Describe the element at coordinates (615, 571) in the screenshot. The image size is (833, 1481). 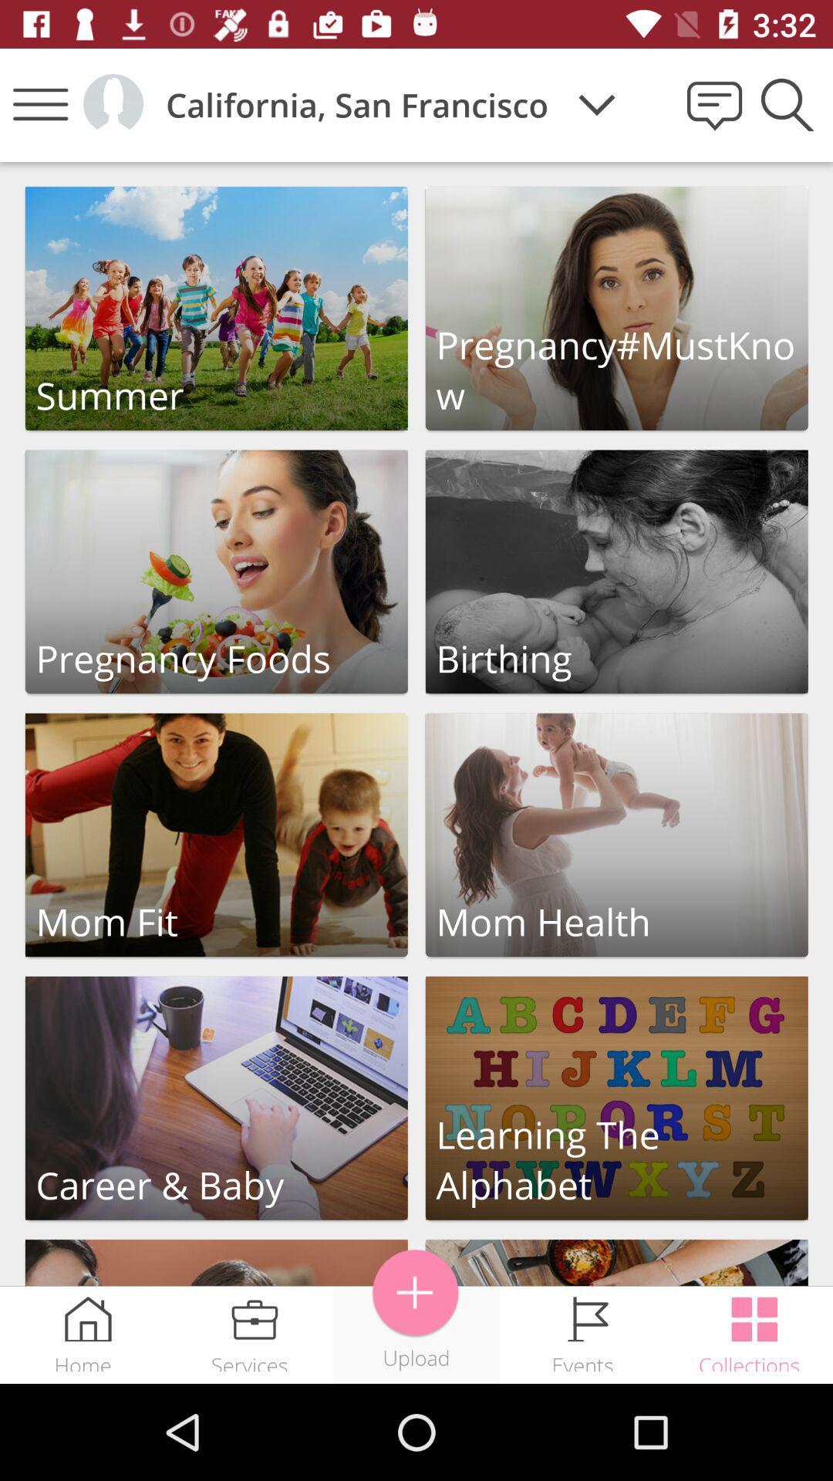
I see `learn about birthing` at that location.